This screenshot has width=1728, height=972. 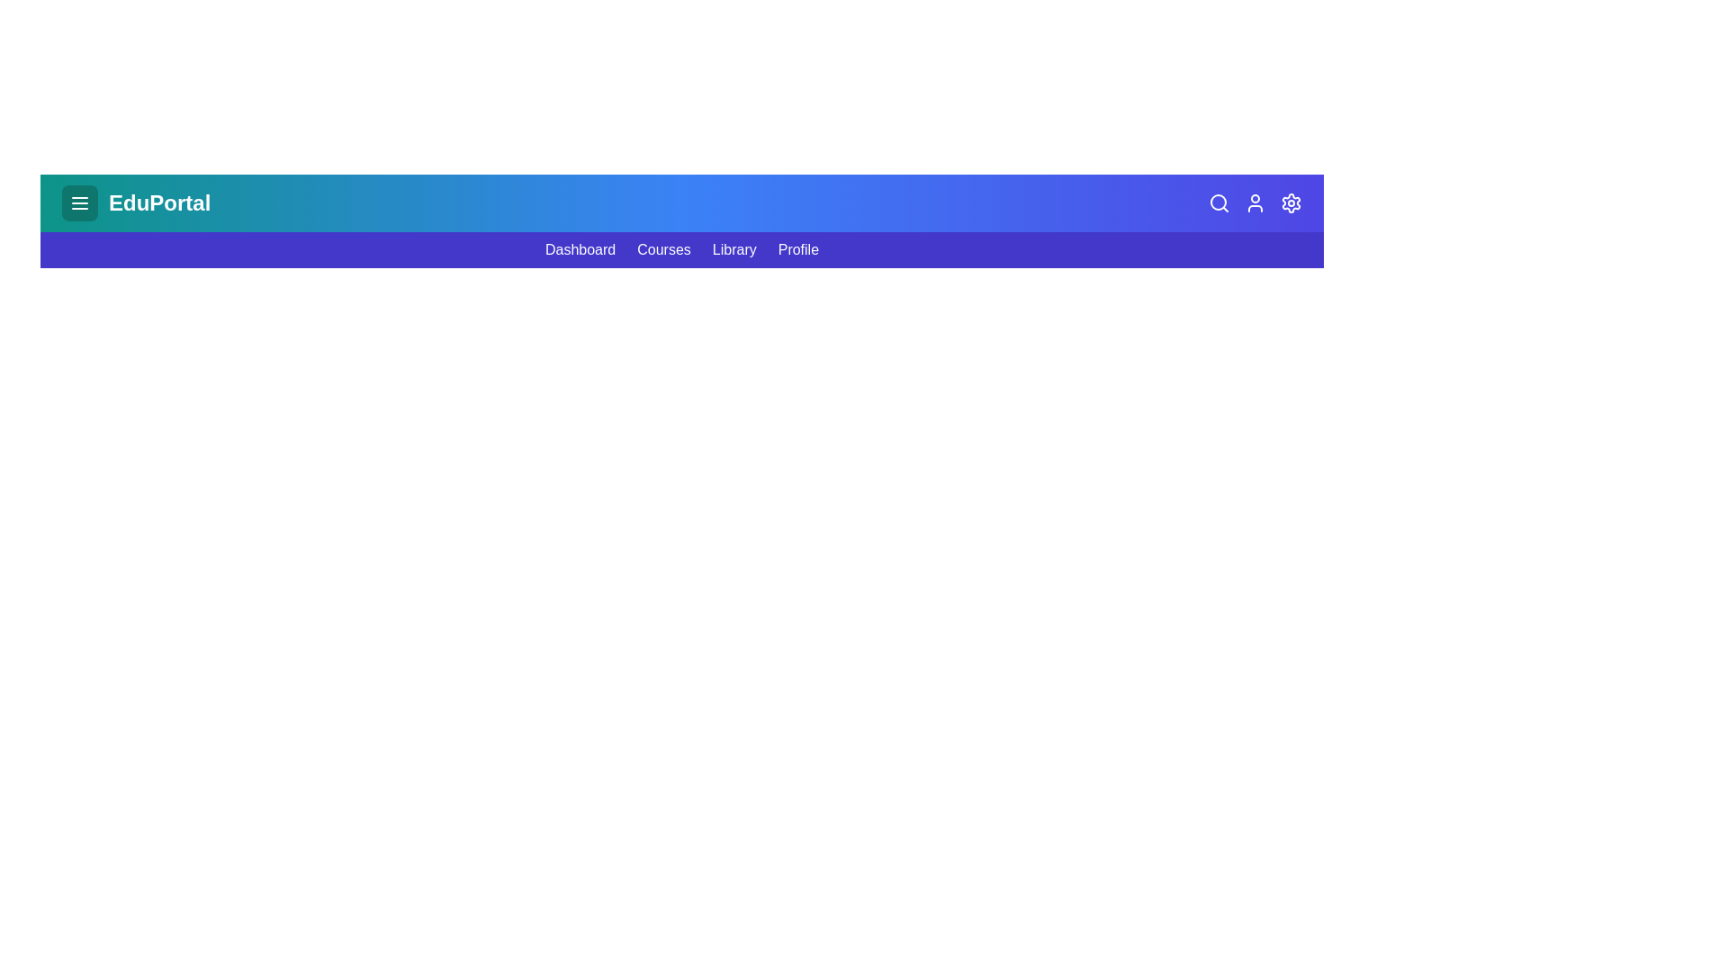 What do you see at coordinates (663, 249) in the screenshot?
I see `the navigation link Courses in the menu bar` at bounding box center [663, 249].